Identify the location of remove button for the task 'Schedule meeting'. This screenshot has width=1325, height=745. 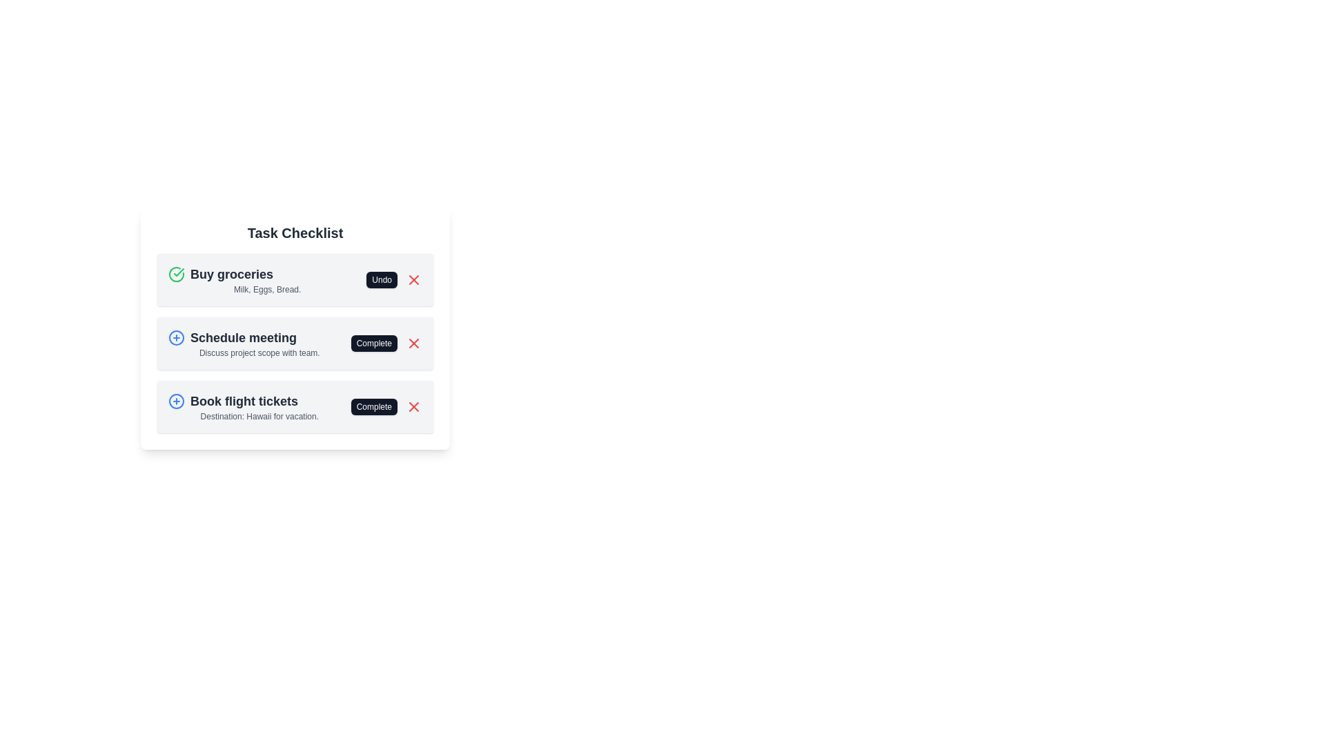
(413, 342).